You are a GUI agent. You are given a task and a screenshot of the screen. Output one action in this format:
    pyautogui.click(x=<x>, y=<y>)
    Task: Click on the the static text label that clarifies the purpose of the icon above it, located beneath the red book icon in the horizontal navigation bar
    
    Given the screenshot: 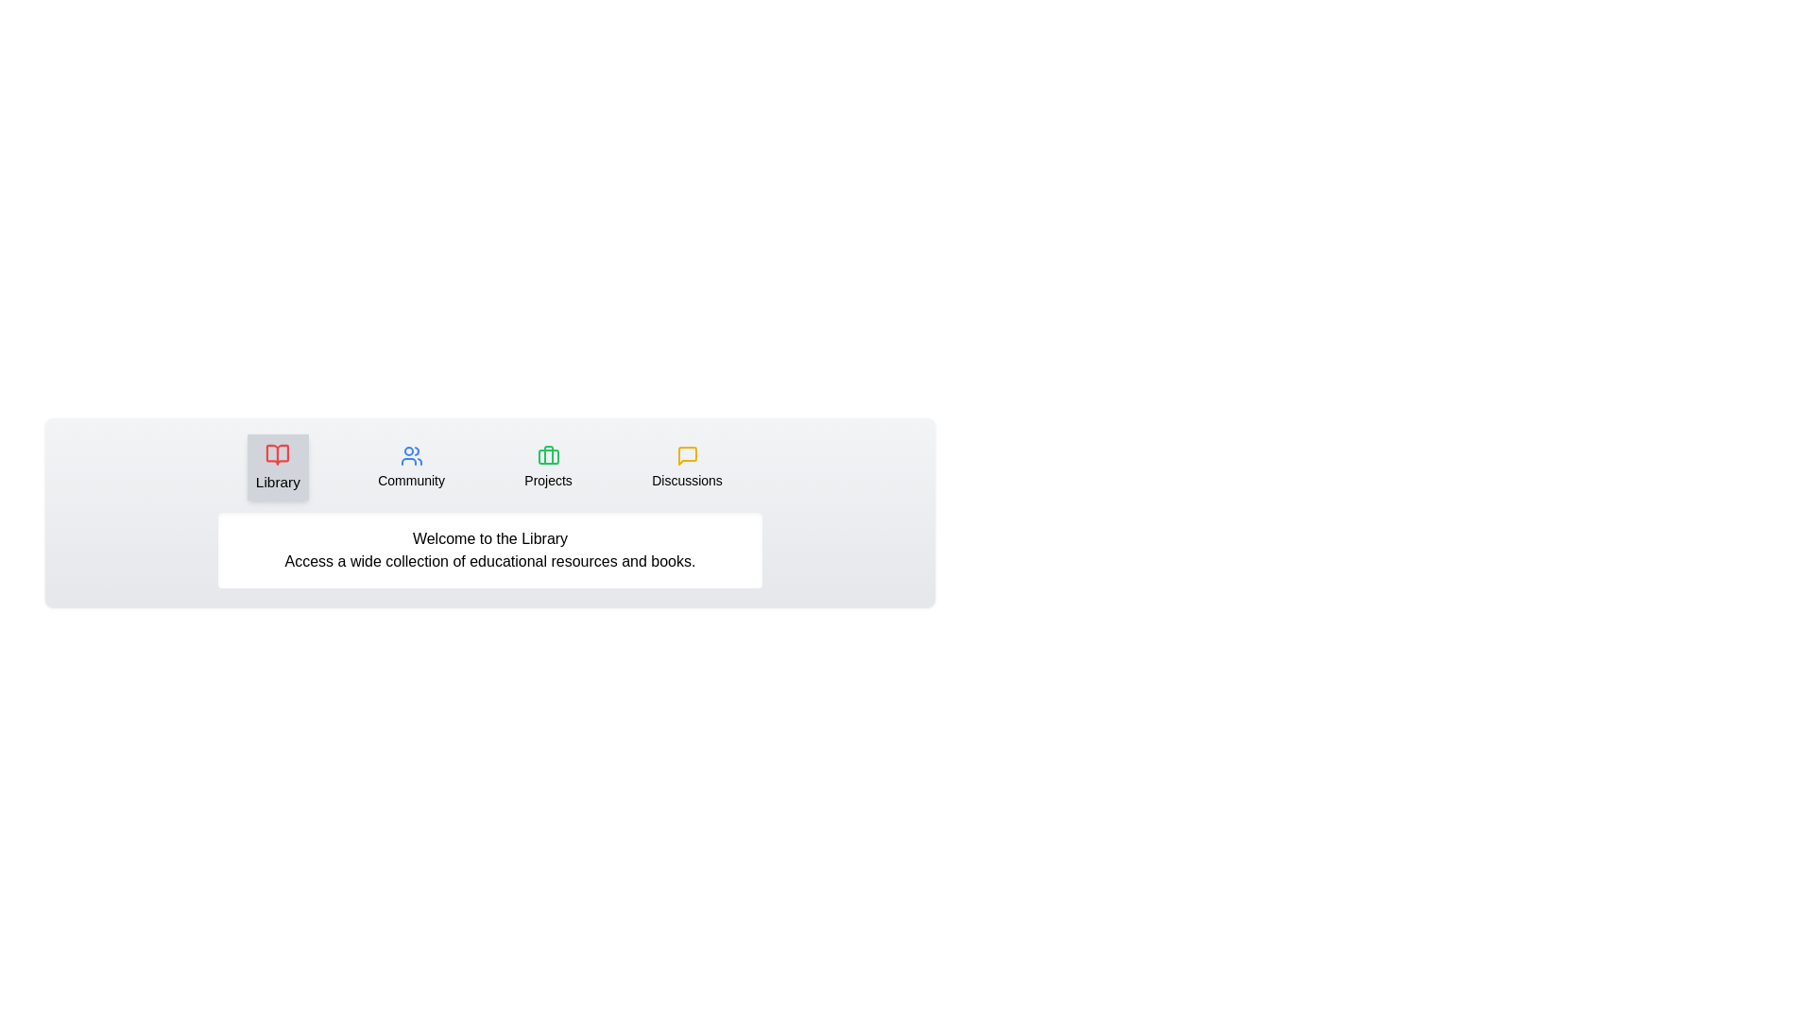 What is the action you would take?
    pyautogui.click(x=277, y=481)
    